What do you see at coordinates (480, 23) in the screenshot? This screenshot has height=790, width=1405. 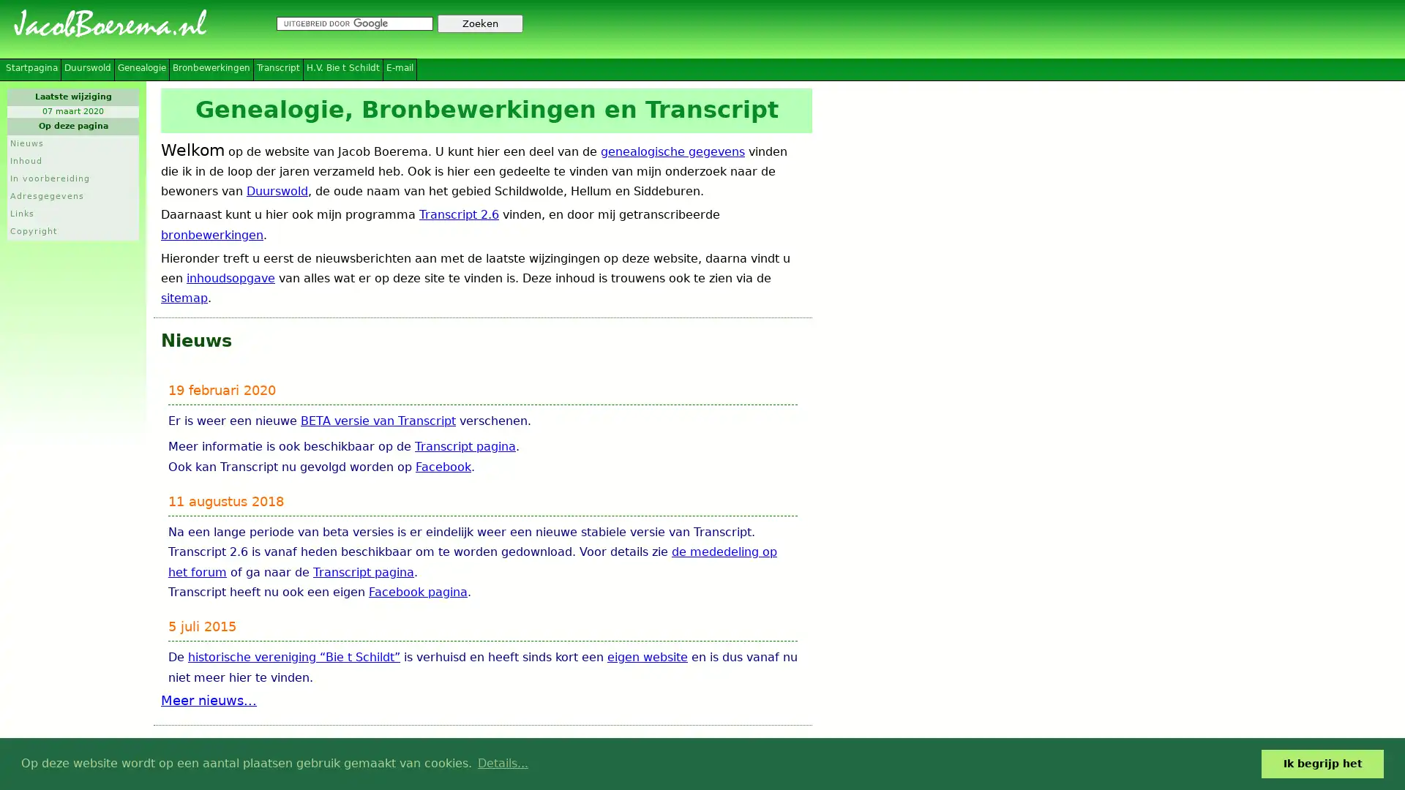 I see `Zoeken` at bounding box center [480, 23].